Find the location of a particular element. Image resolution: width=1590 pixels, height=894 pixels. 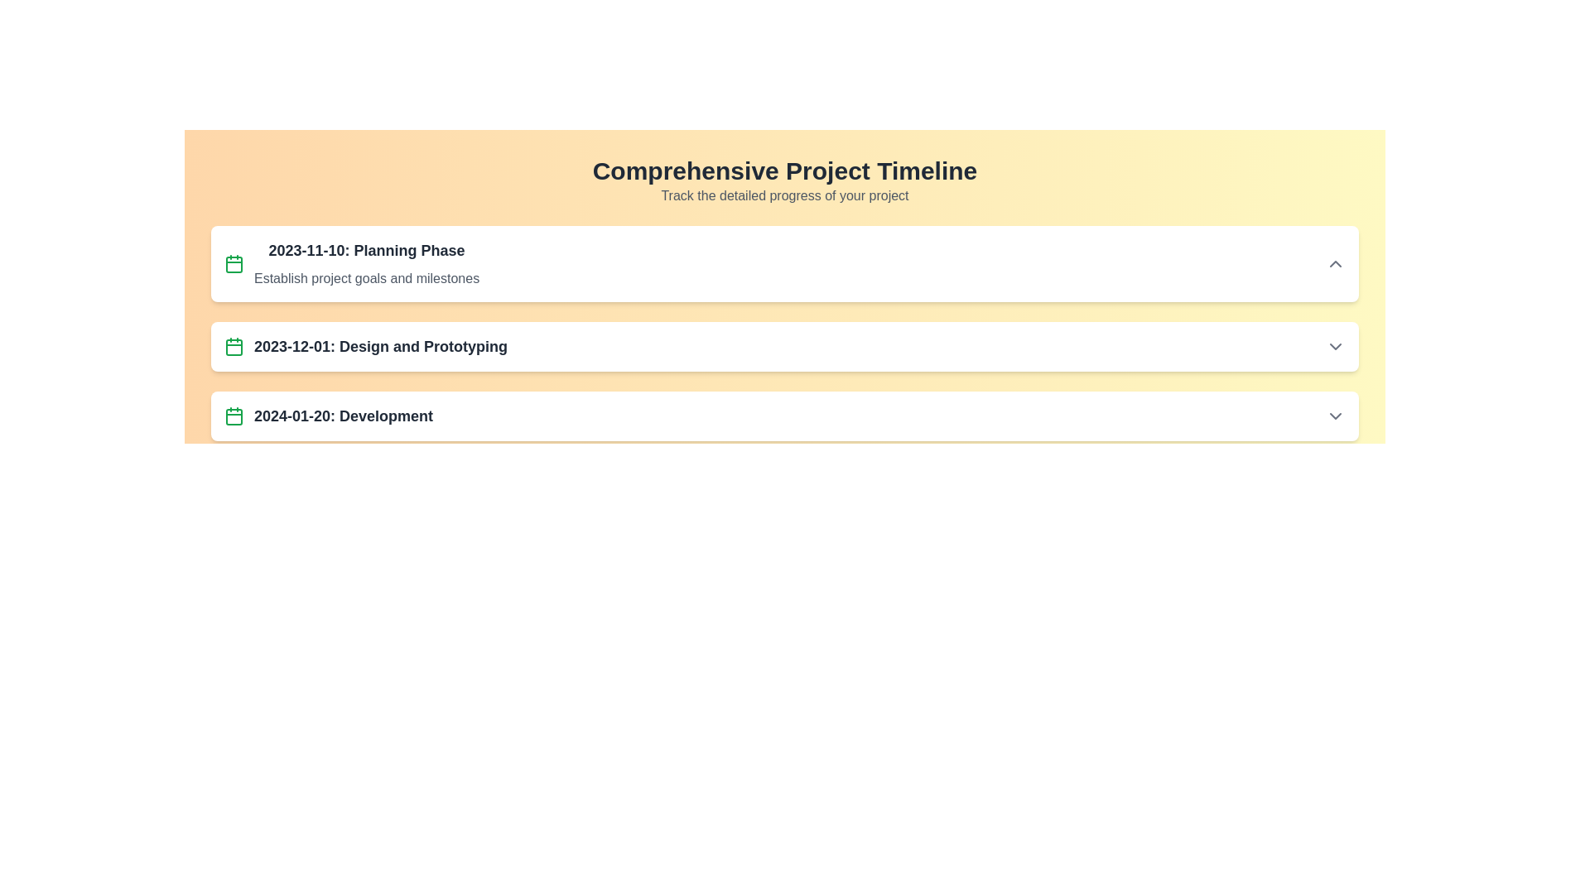

the second row, leftmost icon in the timeline that represents a month within the calendar icon is located at coordinates (234, 347).